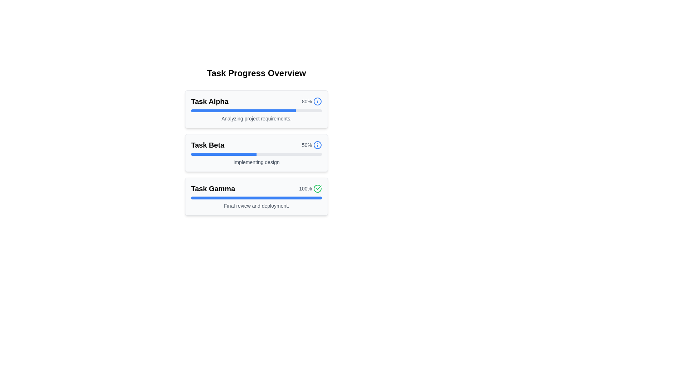 The image size is (686, 386). What do you see at coordinates (257, 198) in the screenshot?
I see `the horizontal progress bar located within the card labeled 'Task Gamma', which is styled with a light gray background and rounded edges, positioned below the title and percentage indicators` at bounding box center [257, 198].